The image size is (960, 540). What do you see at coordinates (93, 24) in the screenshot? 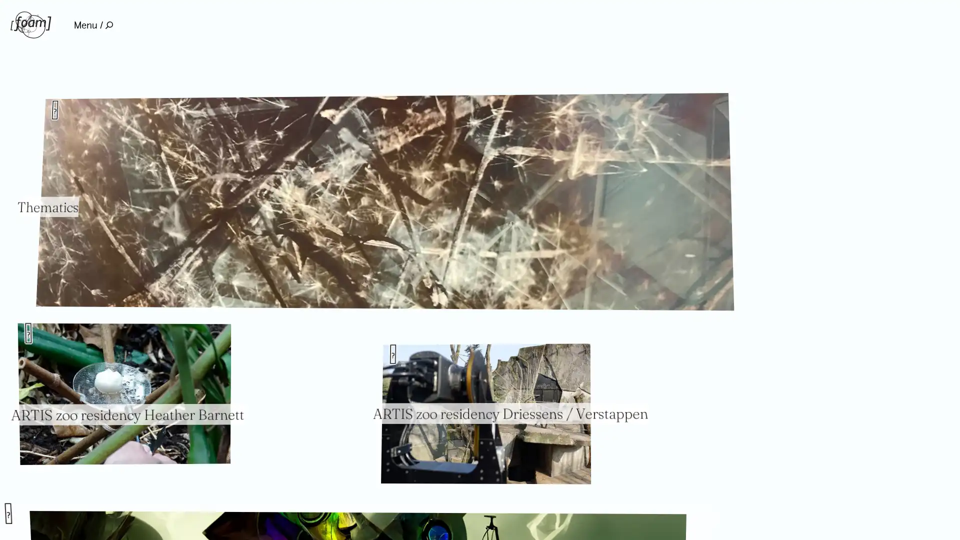
I see `Menu /` at bounding box center [93, 24].